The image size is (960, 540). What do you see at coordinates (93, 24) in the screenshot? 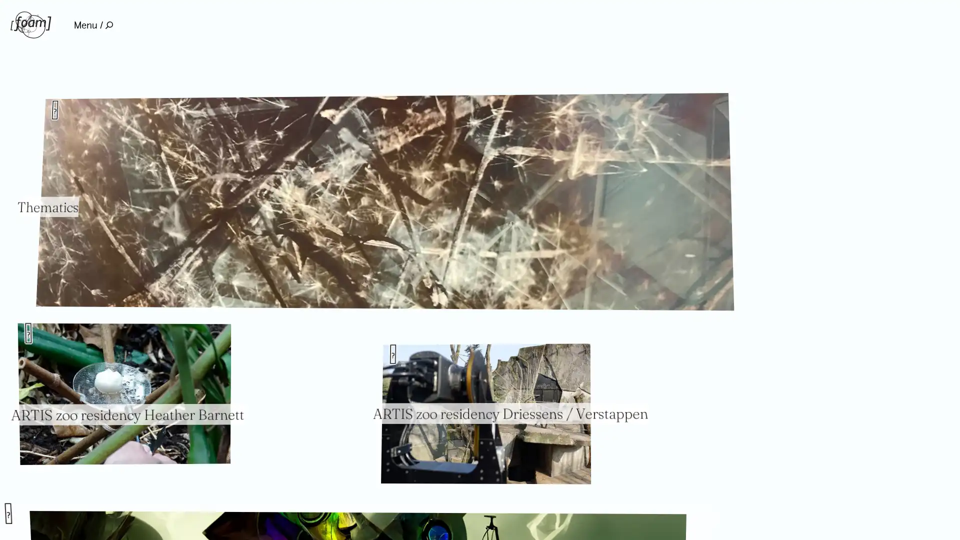
I see `Menu /` at bounding box center [93, 24].